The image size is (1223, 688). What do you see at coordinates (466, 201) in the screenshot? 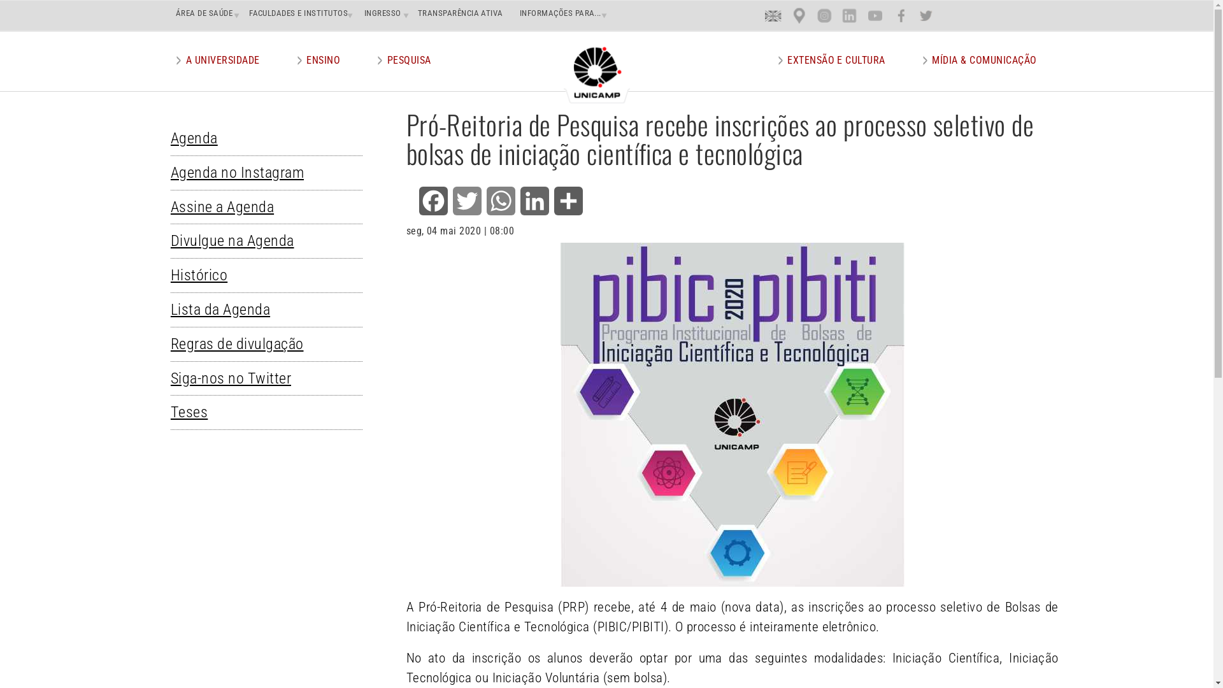
I see `'Twitter'` at bounding box center [466, 201].